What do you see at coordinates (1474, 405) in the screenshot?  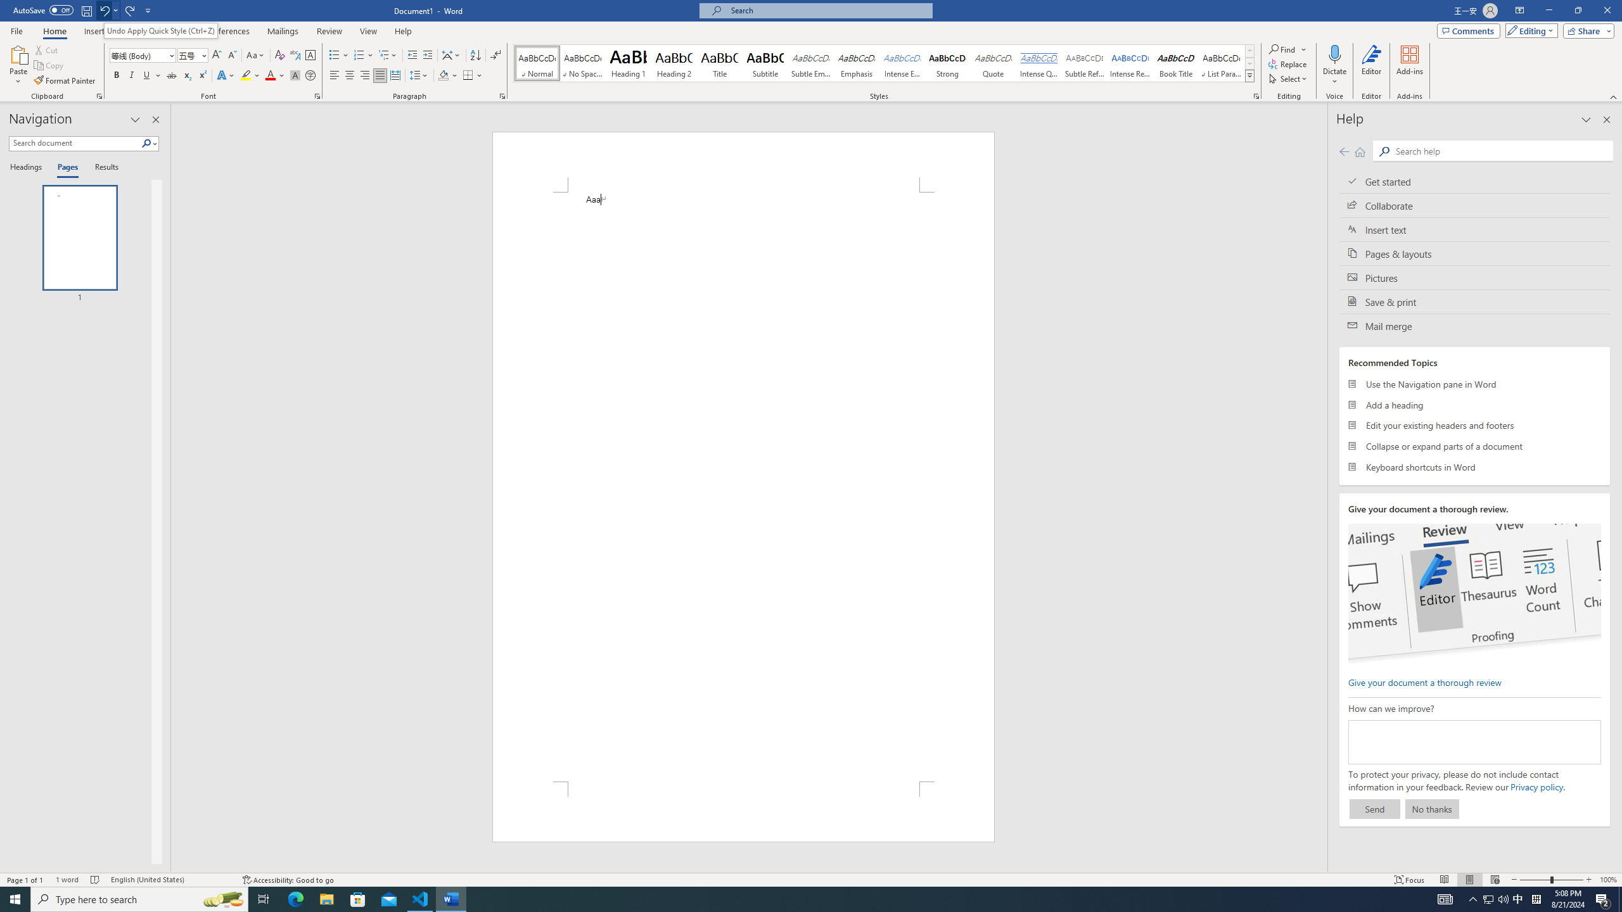 I see `'Add a heading'` at bounding box center [1474, 405].